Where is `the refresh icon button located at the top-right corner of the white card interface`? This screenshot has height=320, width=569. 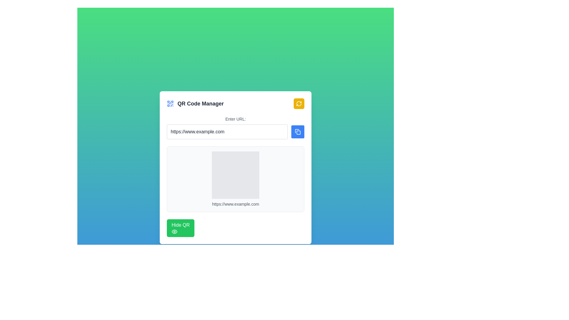
the refresh icon button located at the top-right corner of the white card interface is located at coordinates (299, 103).